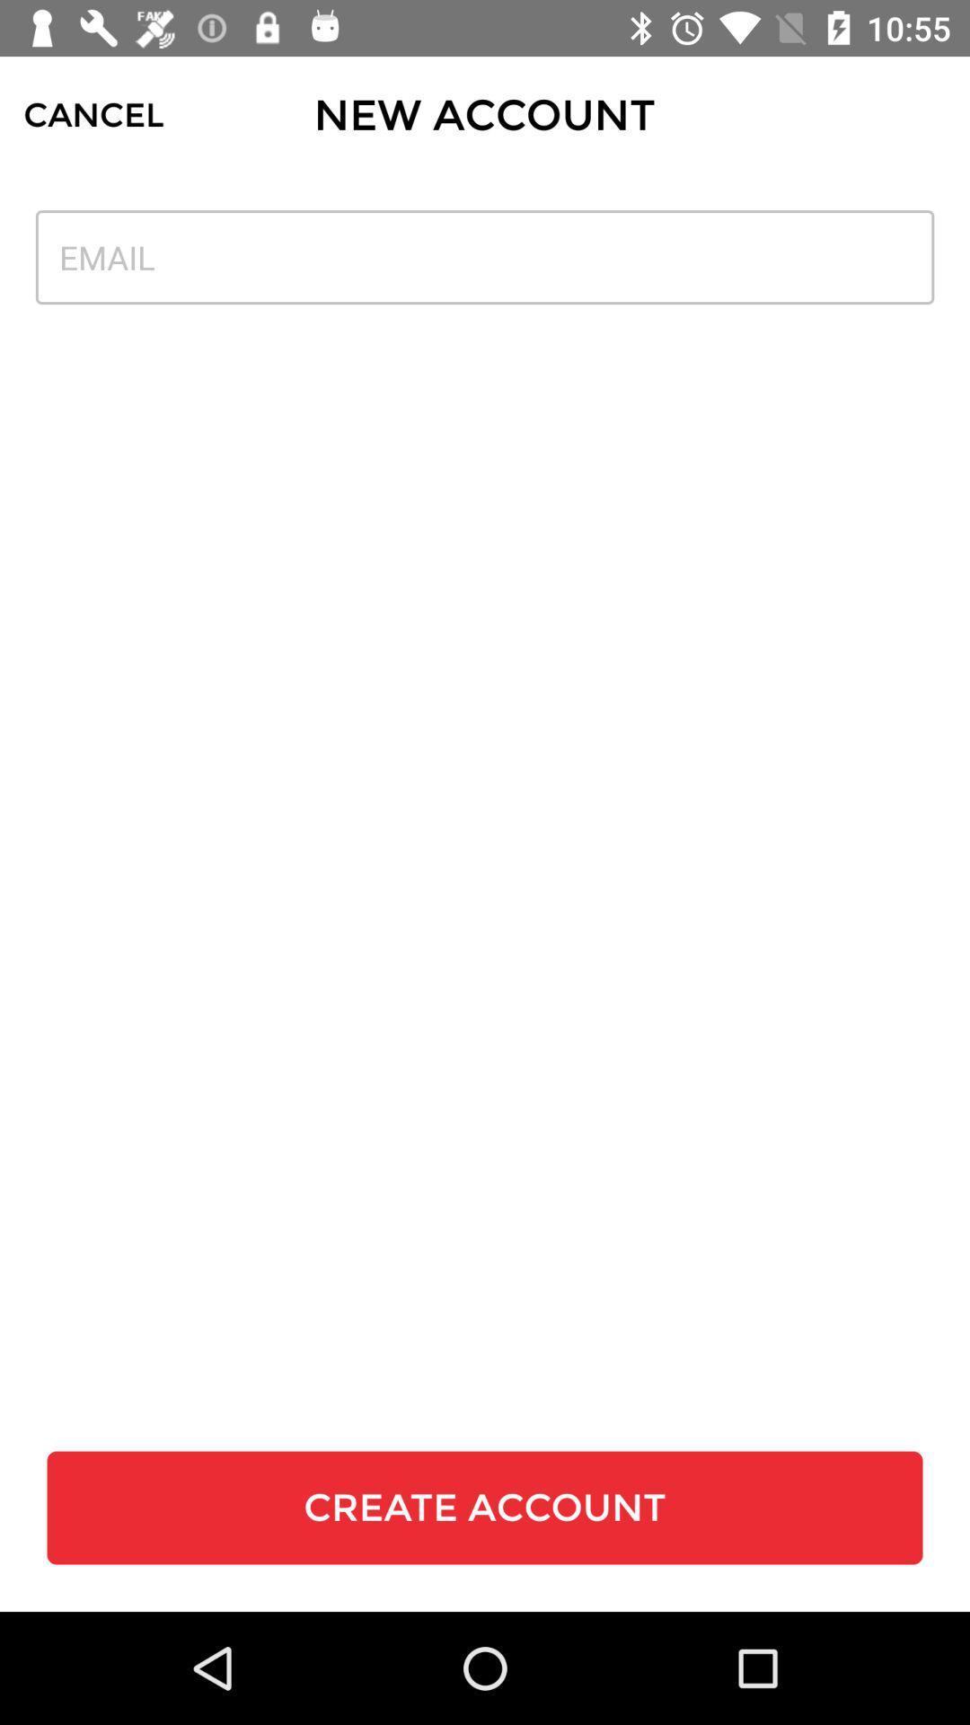 Image resolution: width=970 pixels, height=1725 pixels. I want to click on icon to the left of new account item, so click(93, 114).